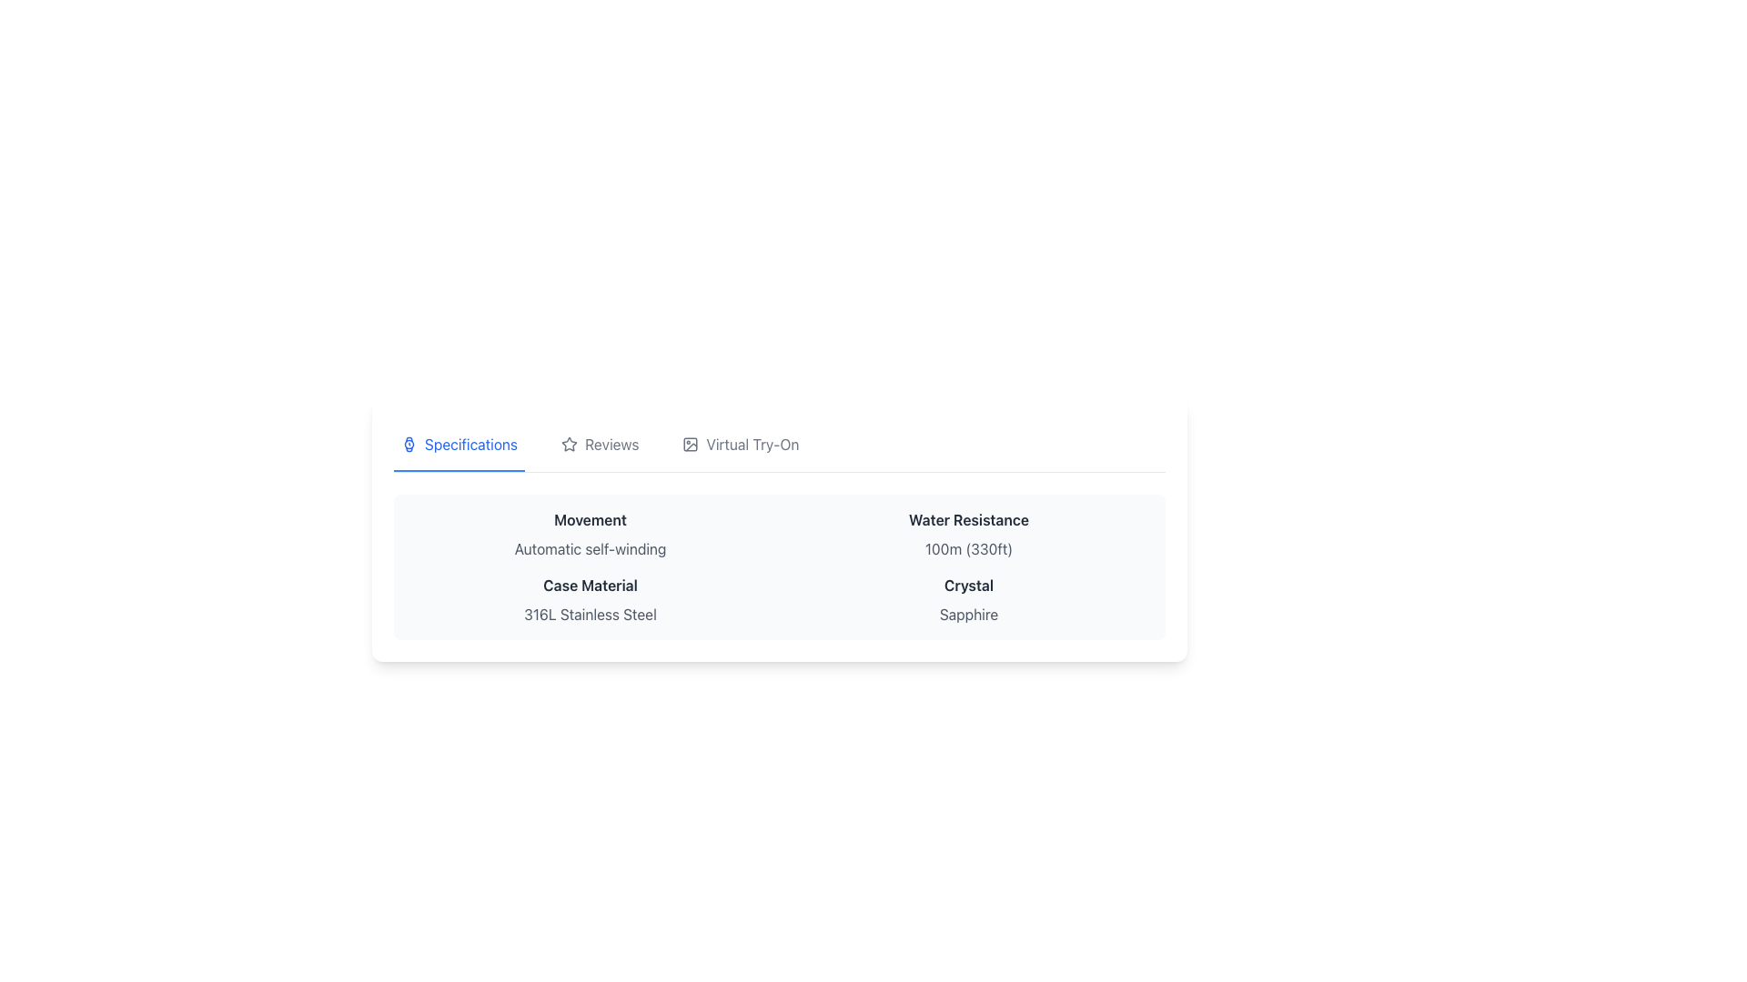 The image size is (1747, 982). What do you see at coordinates (600, 445) in the screenshot?
I see `the 'Reviews' tab, which is the second tab in a set of three aligned horizontally, positioned between the 'Specifications' tab and the 'Virtual Try-On' tab` at bounding box center [600, 445].